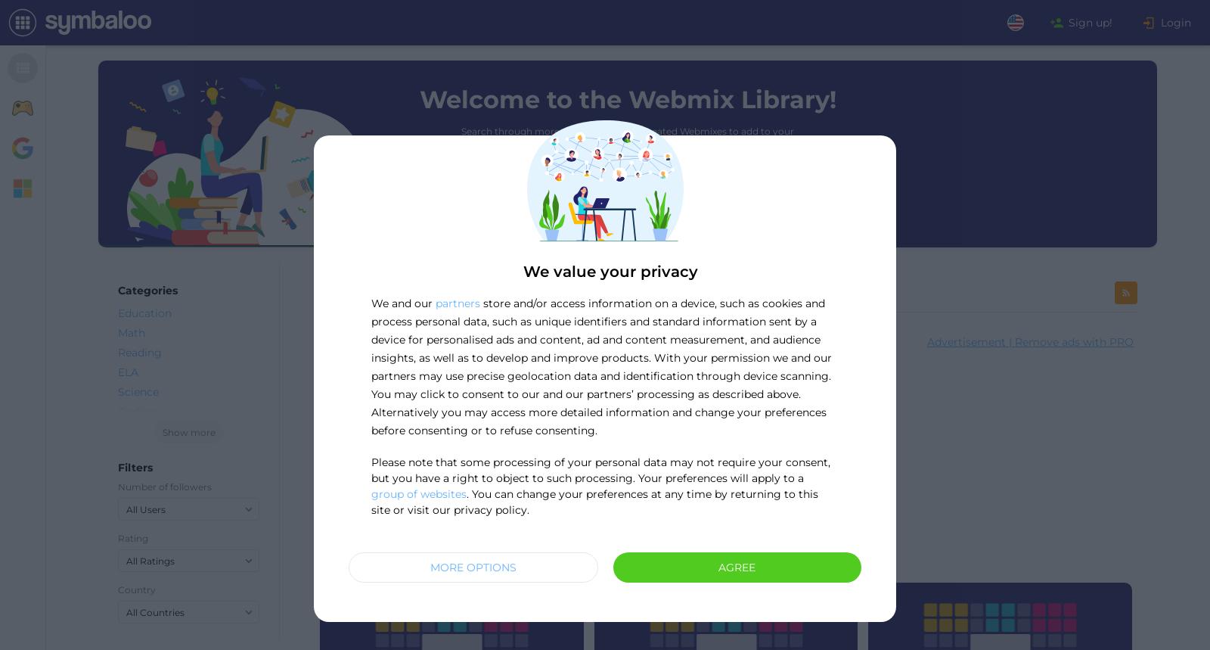  I want to click on 'History', so click(136, 470).